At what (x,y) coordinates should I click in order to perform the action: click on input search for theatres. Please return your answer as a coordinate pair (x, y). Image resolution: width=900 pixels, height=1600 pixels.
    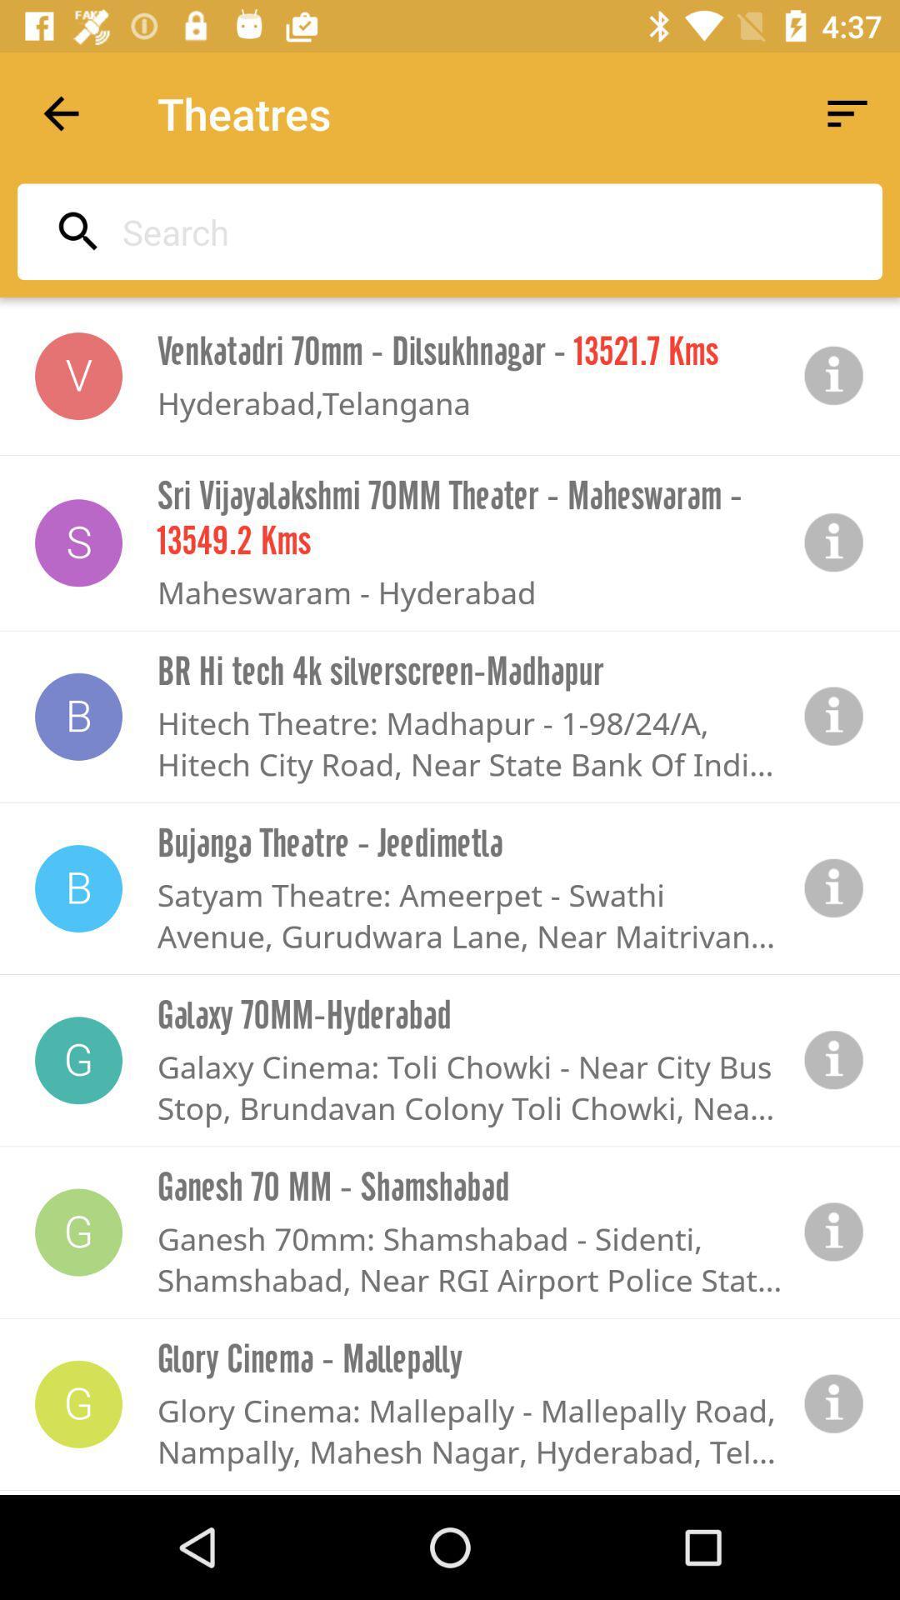
    Looking at the image, I should click on (444, 231).